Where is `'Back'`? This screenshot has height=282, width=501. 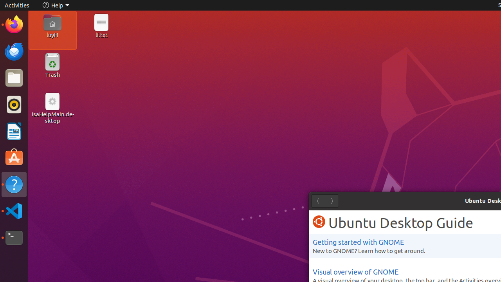 'Back' is located at coordinates (318, 201).